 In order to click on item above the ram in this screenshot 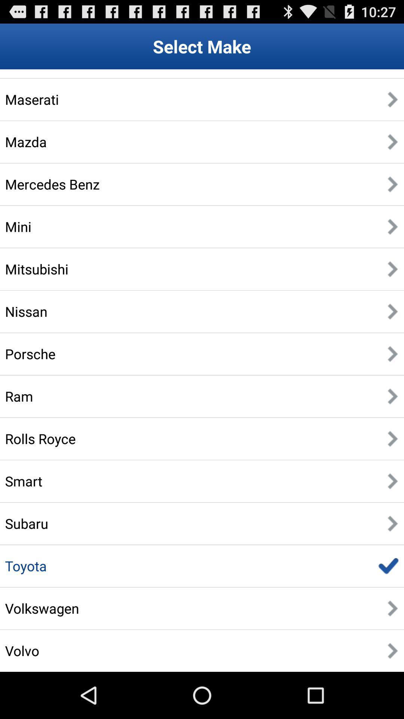, I will do `click(30, 354)`.